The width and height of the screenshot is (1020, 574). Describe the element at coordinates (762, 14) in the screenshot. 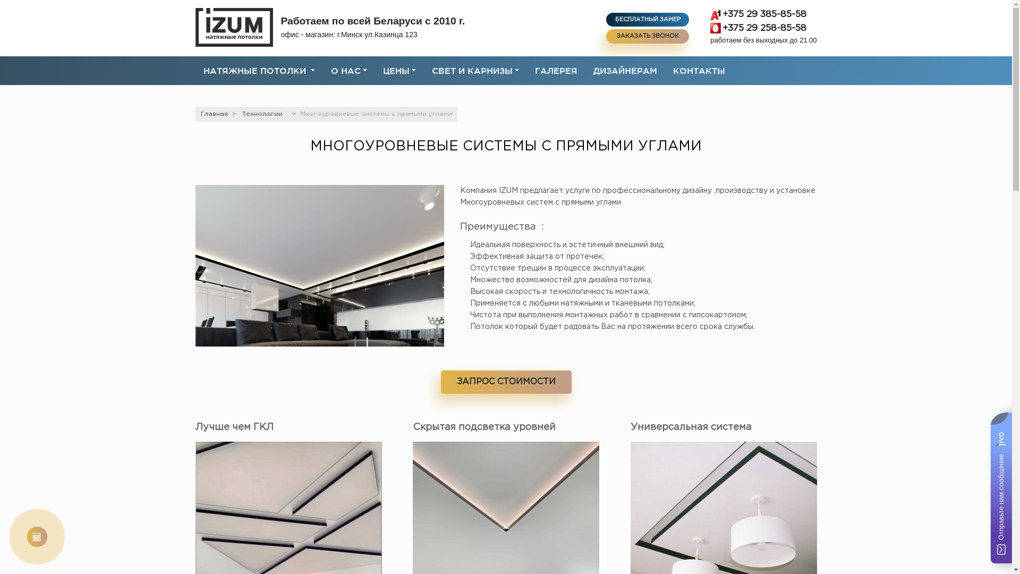

I see `'+375 29 385-85-58'` at that location.